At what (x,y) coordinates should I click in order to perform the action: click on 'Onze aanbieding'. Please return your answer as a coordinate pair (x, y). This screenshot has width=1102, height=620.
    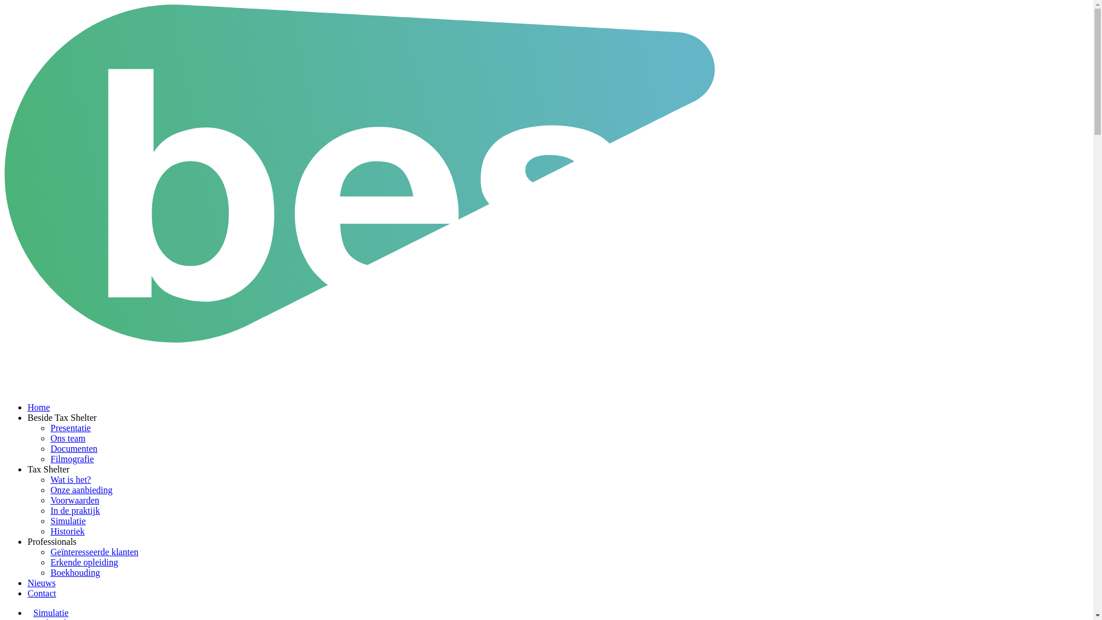
    Looking at the image, I should click on (81, 490).